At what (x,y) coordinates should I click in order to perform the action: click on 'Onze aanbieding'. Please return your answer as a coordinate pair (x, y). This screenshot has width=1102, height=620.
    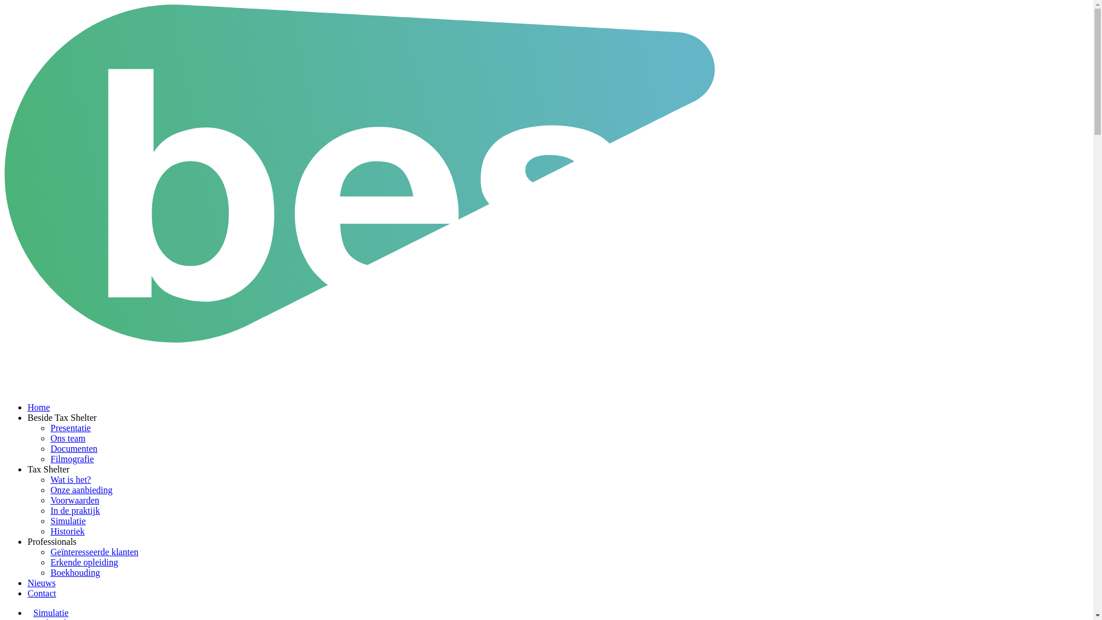
    Looking at the image, I should click on (81, 490).